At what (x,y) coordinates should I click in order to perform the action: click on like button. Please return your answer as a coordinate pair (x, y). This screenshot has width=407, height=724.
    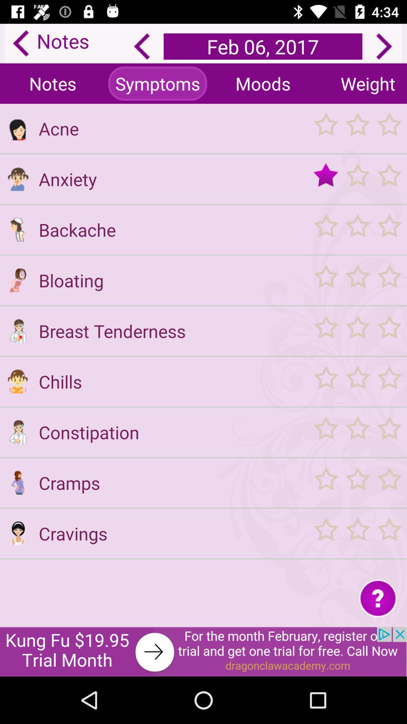
    Looking at the image, I should click on (357, 178).